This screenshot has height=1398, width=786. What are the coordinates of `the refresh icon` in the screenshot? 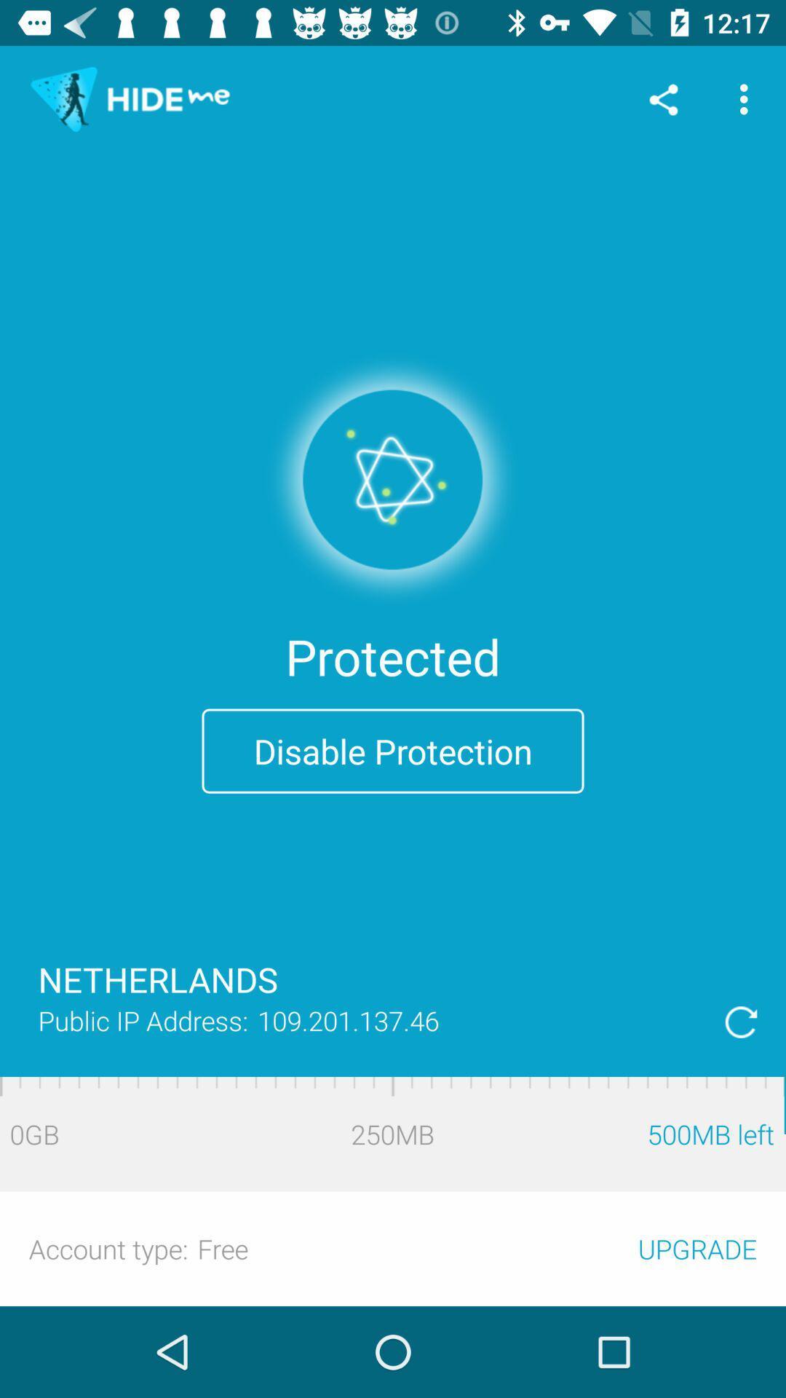 It's located at (741, 1021).